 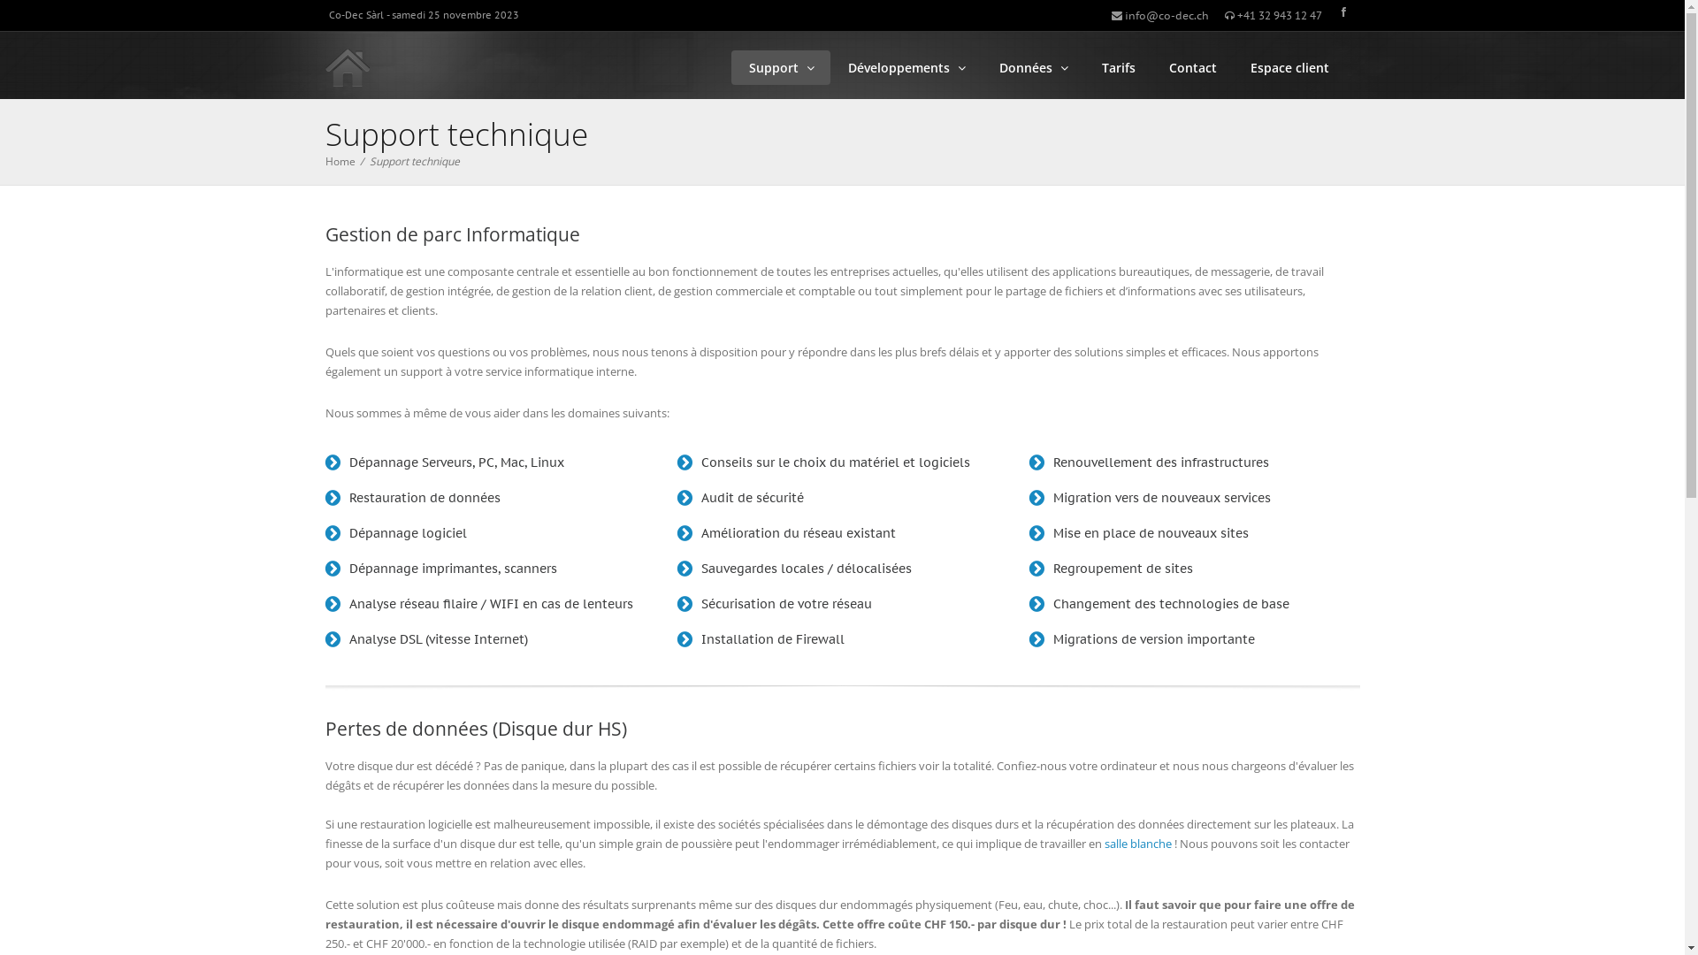 What do you see at coordinates (1231, 66) in the screenshot?
I see `'Espace client'` at bounding box center [1231, 66].